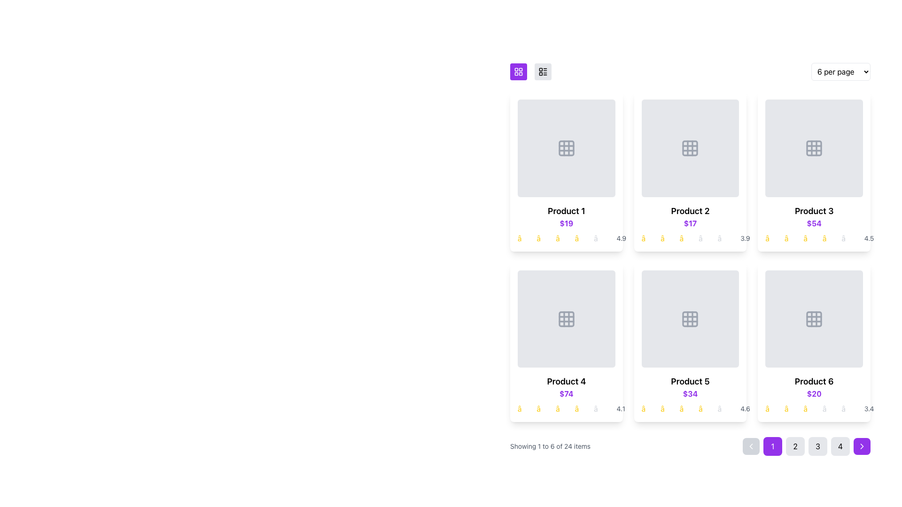 This screenshot has width=902, height=507. Describe the element at coordinates (814, 148) in the screenshot. I see `the middle square of the 3x3 grid icon representing Product 3 in the product card layout` at that location.